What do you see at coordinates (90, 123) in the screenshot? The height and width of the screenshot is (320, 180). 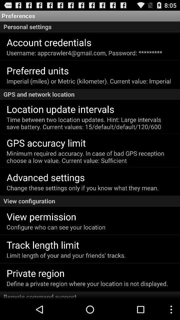 I see `item below the location update intervals icon` at bounding box center [90, 123].